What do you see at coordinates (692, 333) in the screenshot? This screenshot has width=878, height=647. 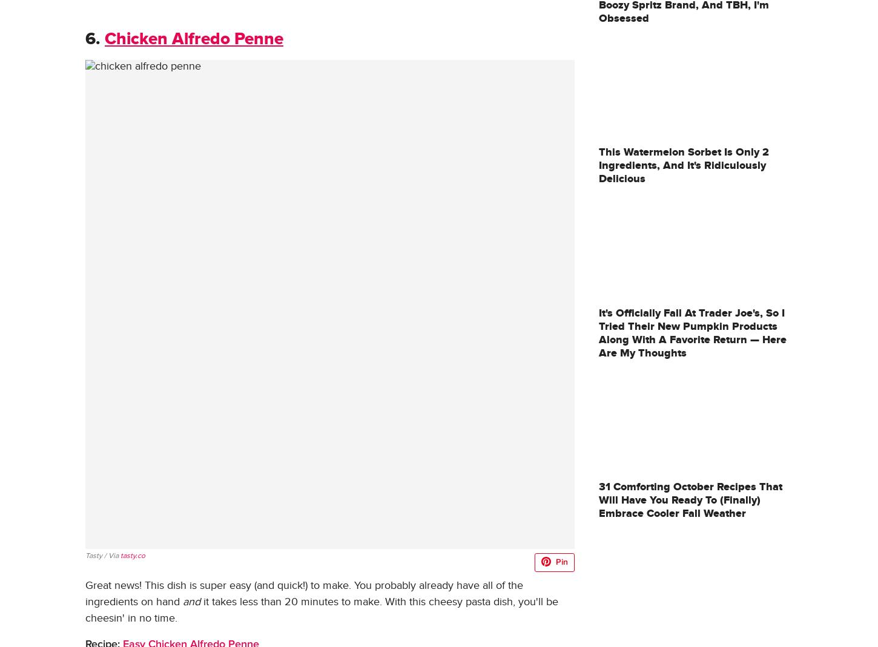 I see `'It's Officially Fall At Trader Joe's, So I Tried Their New Pumpkin Products Along With A Favorite Return — Here Are My Thoughts'` at bounding box center [692, 333].